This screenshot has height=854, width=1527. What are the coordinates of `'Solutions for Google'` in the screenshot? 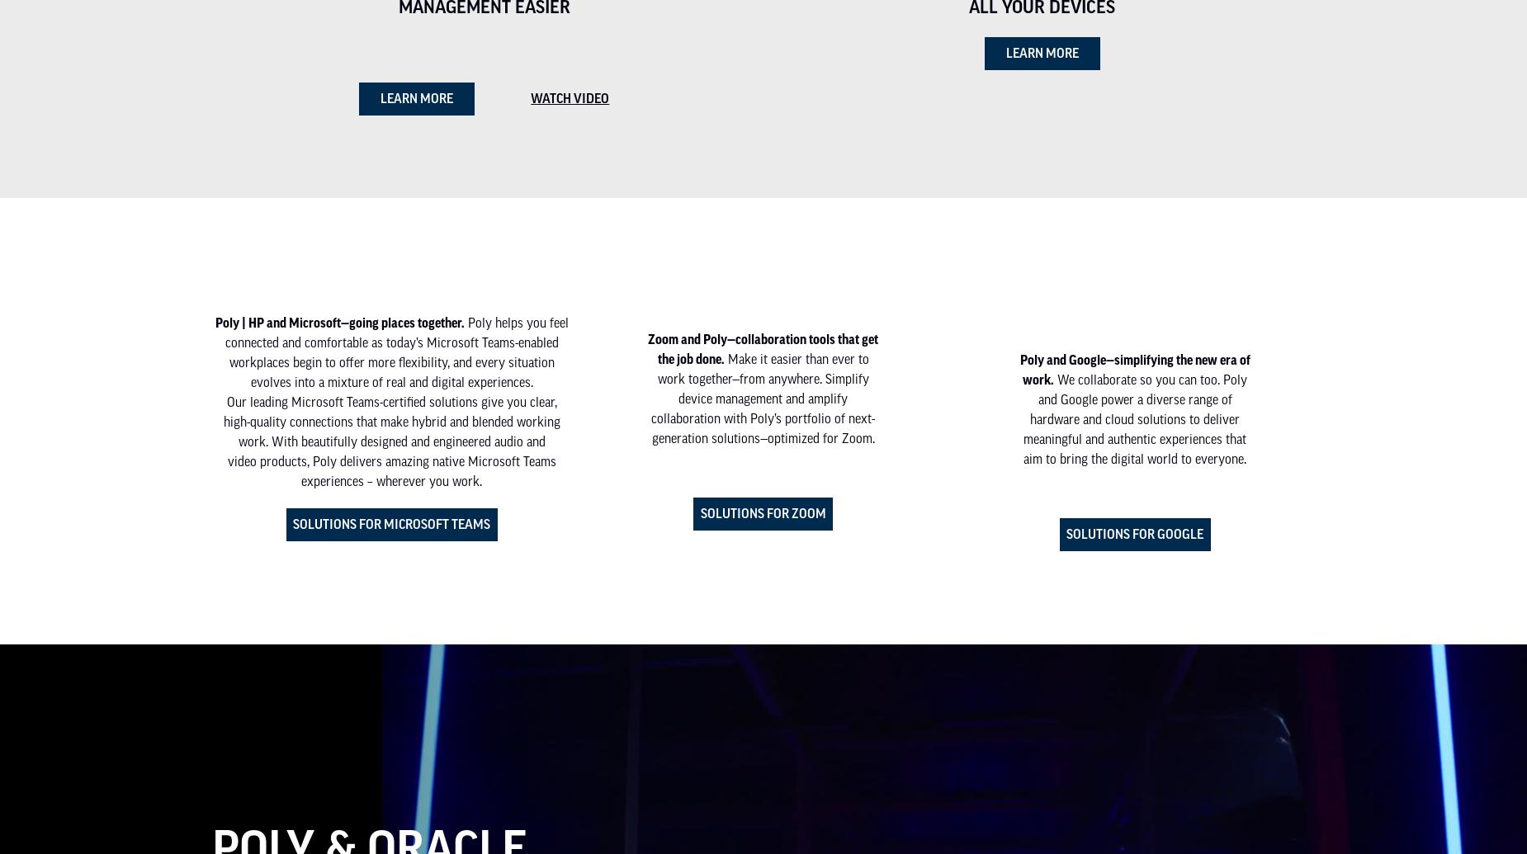 It's located at (1133, 532).